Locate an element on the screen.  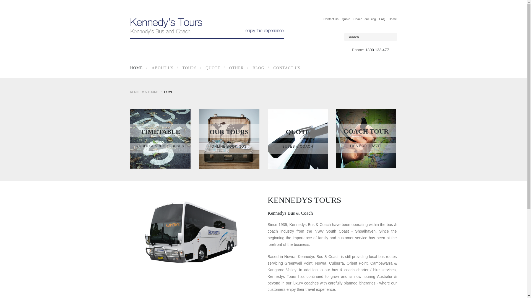
'QUOTE' is located at coordinates (200, 68).